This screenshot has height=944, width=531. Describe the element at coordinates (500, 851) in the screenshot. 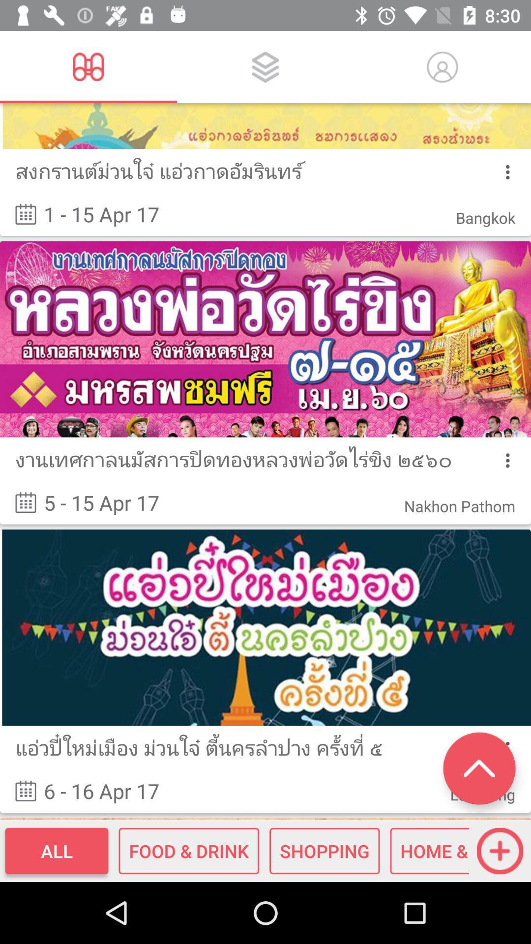

I see `the add icon` at that location.